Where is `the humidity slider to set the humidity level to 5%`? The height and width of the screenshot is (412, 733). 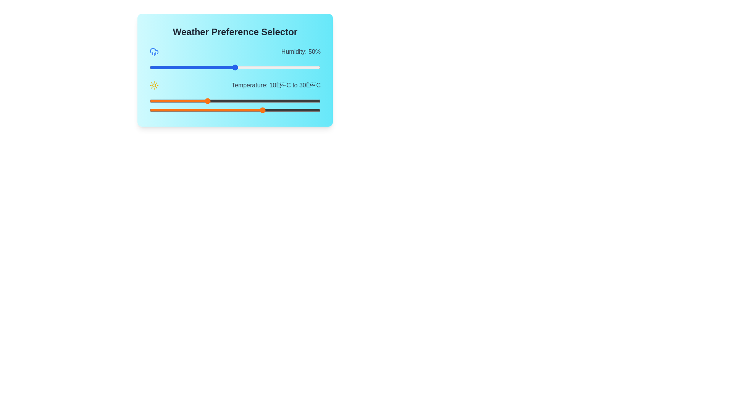
the humidity slider to set the humidity level to 5% is located at coordinates (158, 67).